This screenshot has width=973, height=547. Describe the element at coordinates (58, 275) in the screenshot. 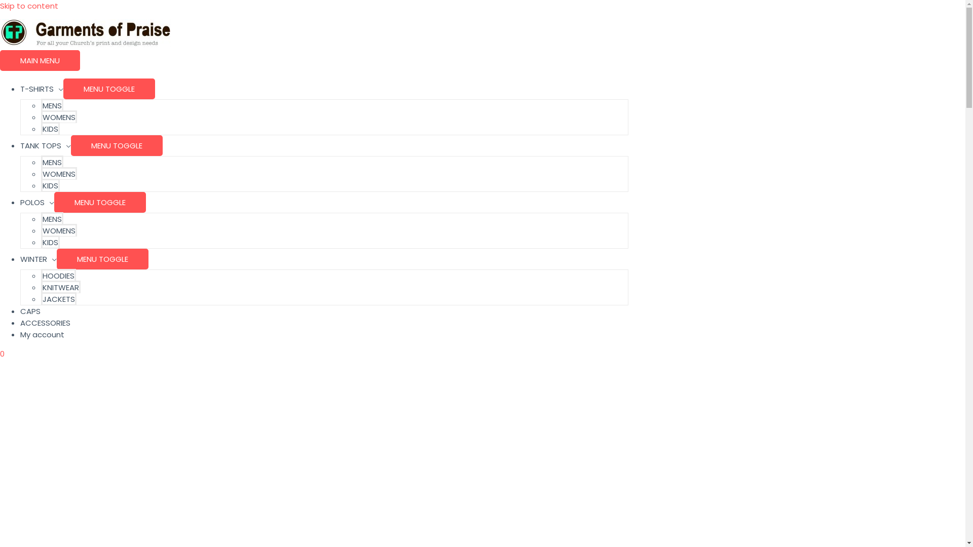

I see `'HOODIES'` at that location.